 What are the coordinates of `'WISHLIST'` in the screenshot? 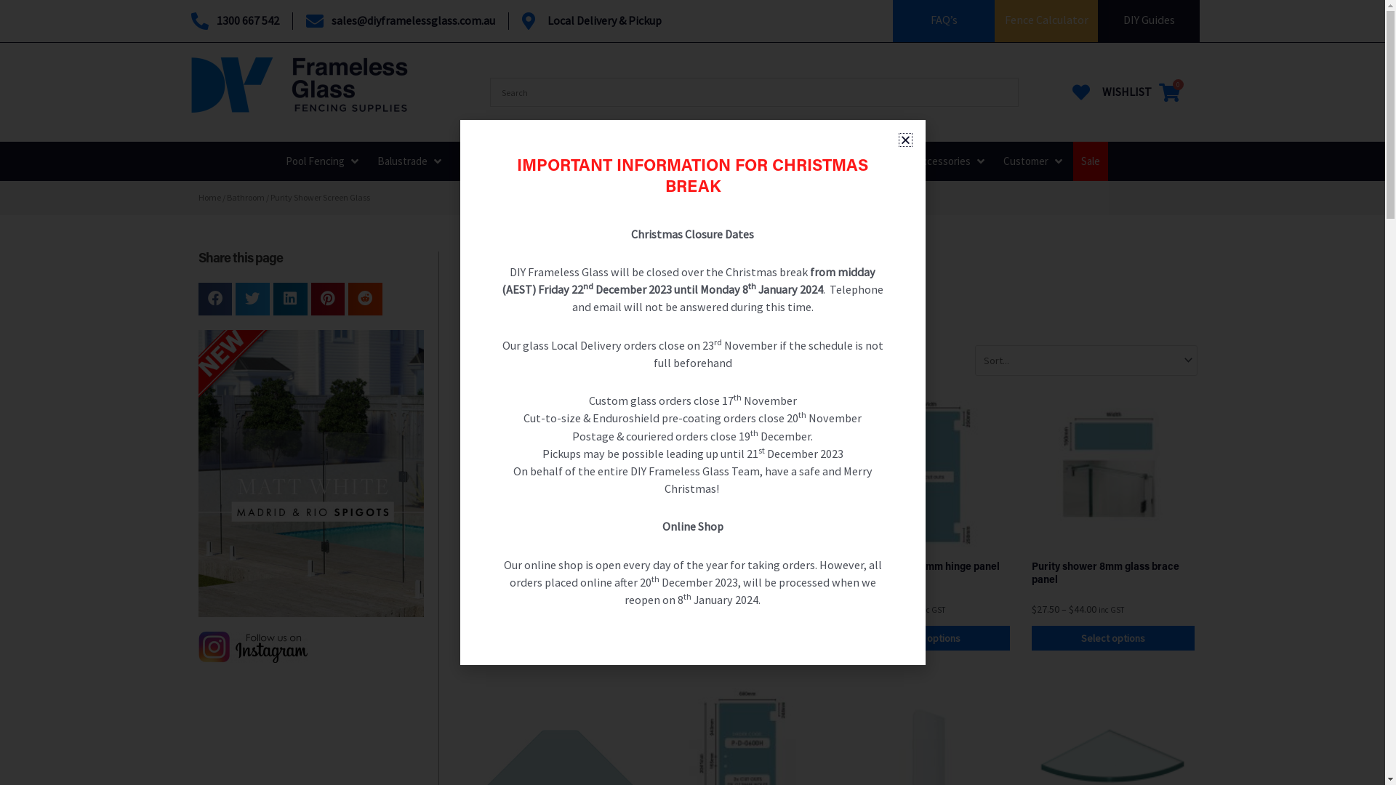 It's located at (1109, 92).